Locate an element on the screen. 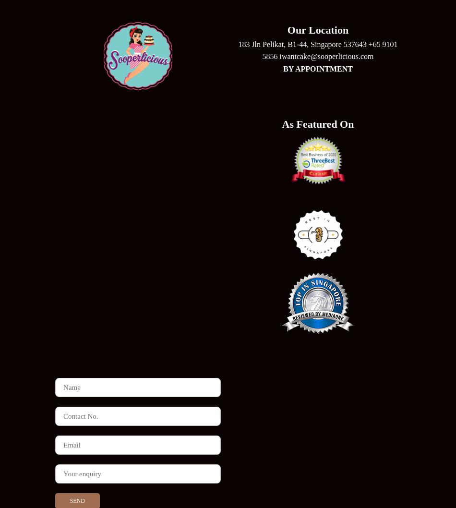  'Teaching' is located at coordinates (227, 446).